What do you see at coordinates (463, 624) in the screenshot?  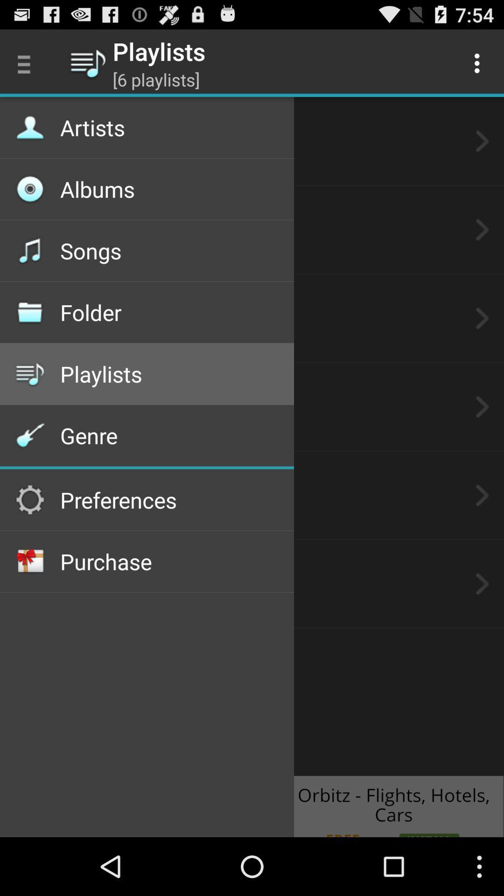 I see `the arrow_forward icon` at bounding box center [463, 624].